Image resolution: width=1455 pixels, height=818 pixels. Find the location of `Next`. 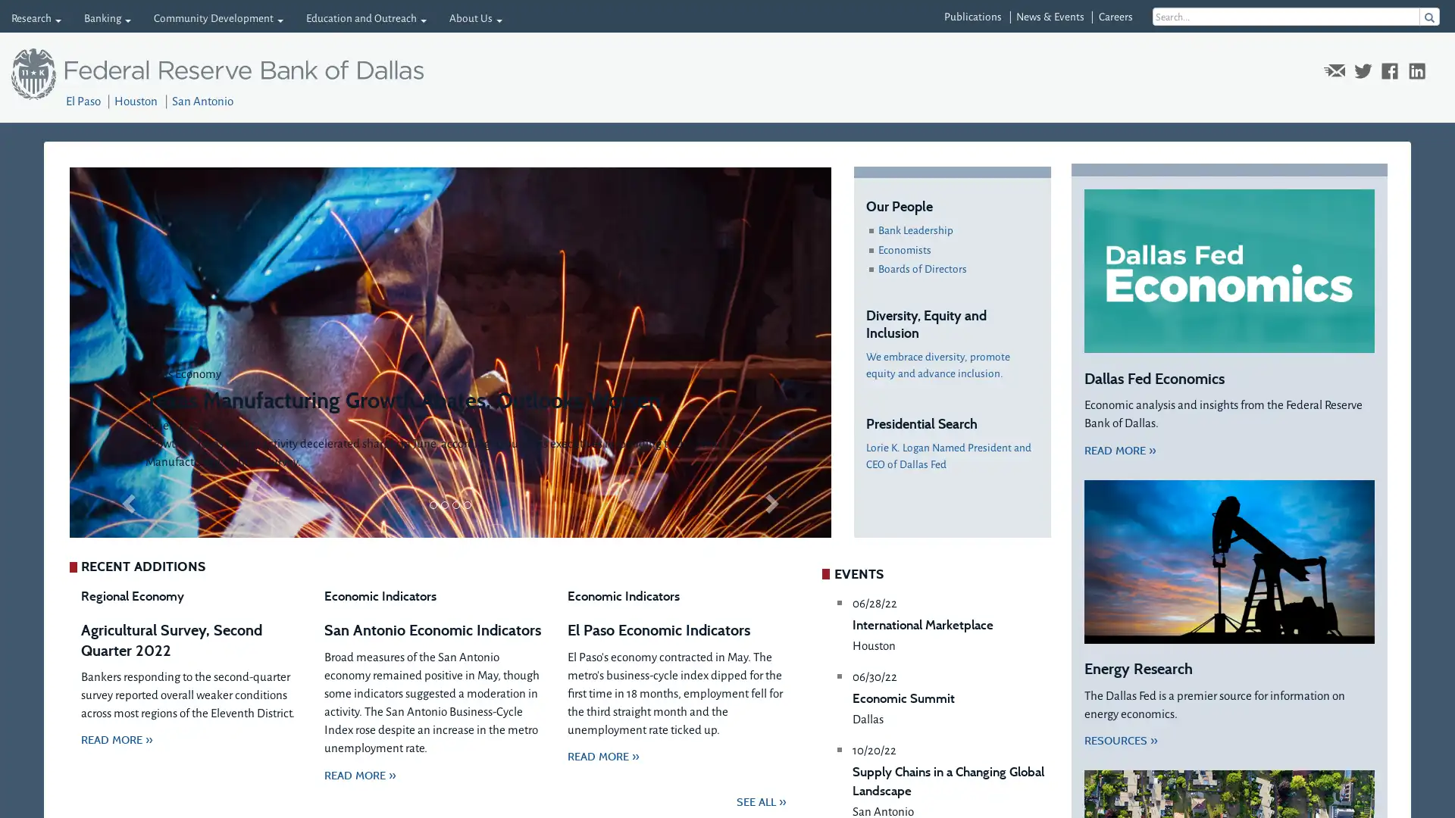

Next is located at coordinates (774, 352).